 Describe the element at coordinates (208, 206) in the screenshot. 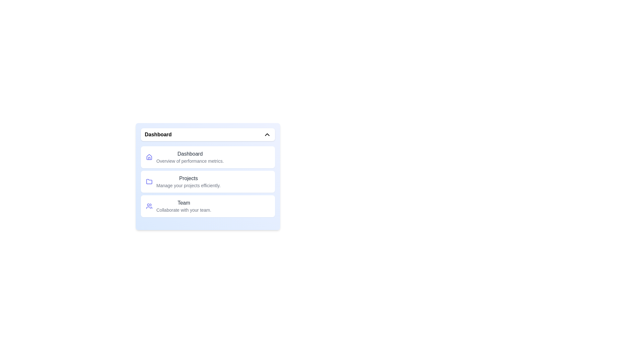

I see `the menu option Team from the dropdown` at that location.